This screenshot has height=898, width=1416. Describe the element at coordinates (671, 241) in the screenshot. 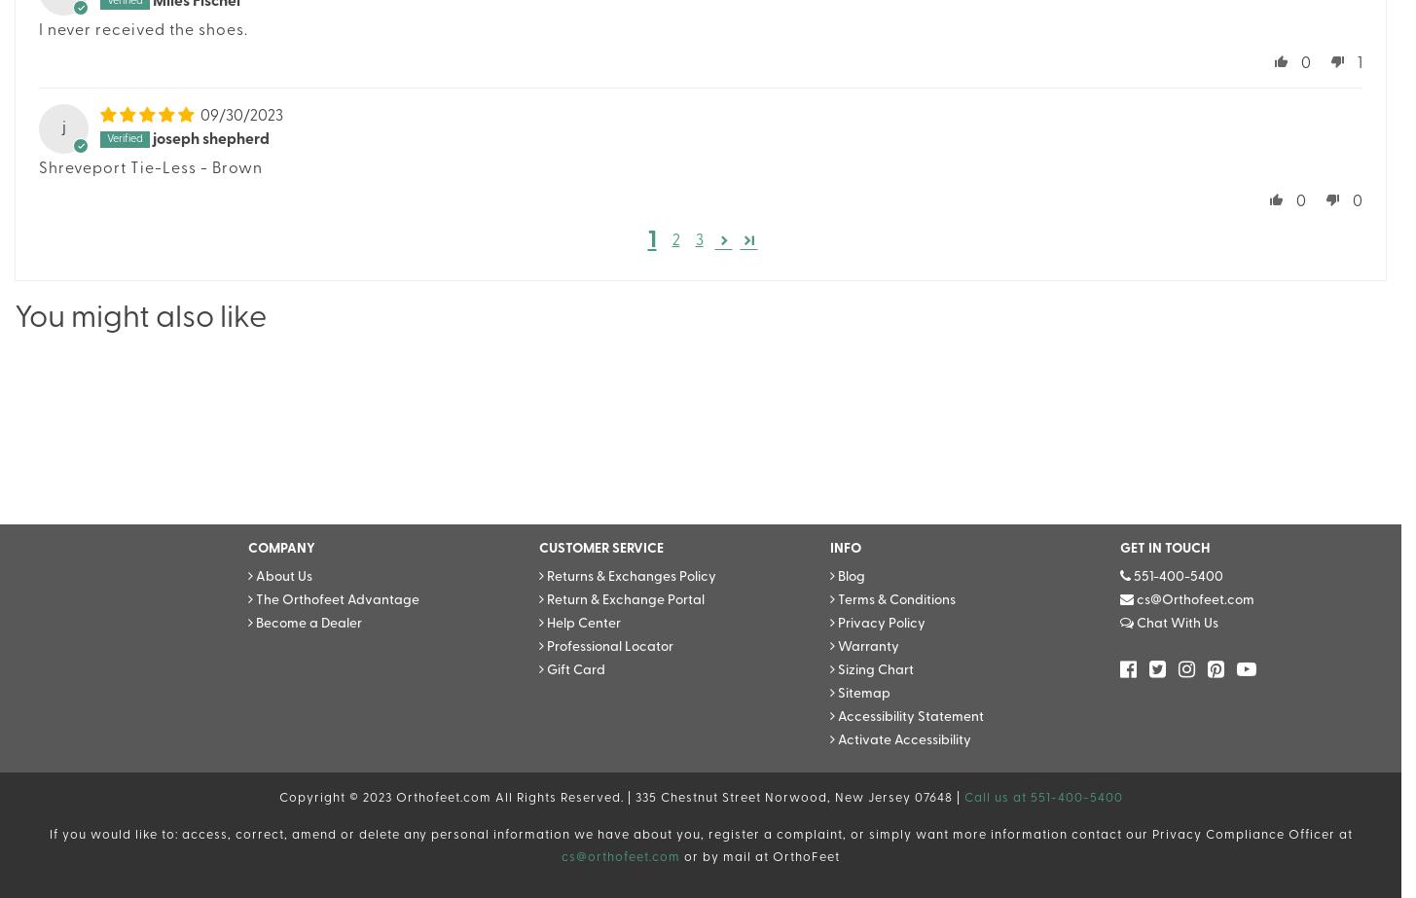

I see `'2'` at that location.